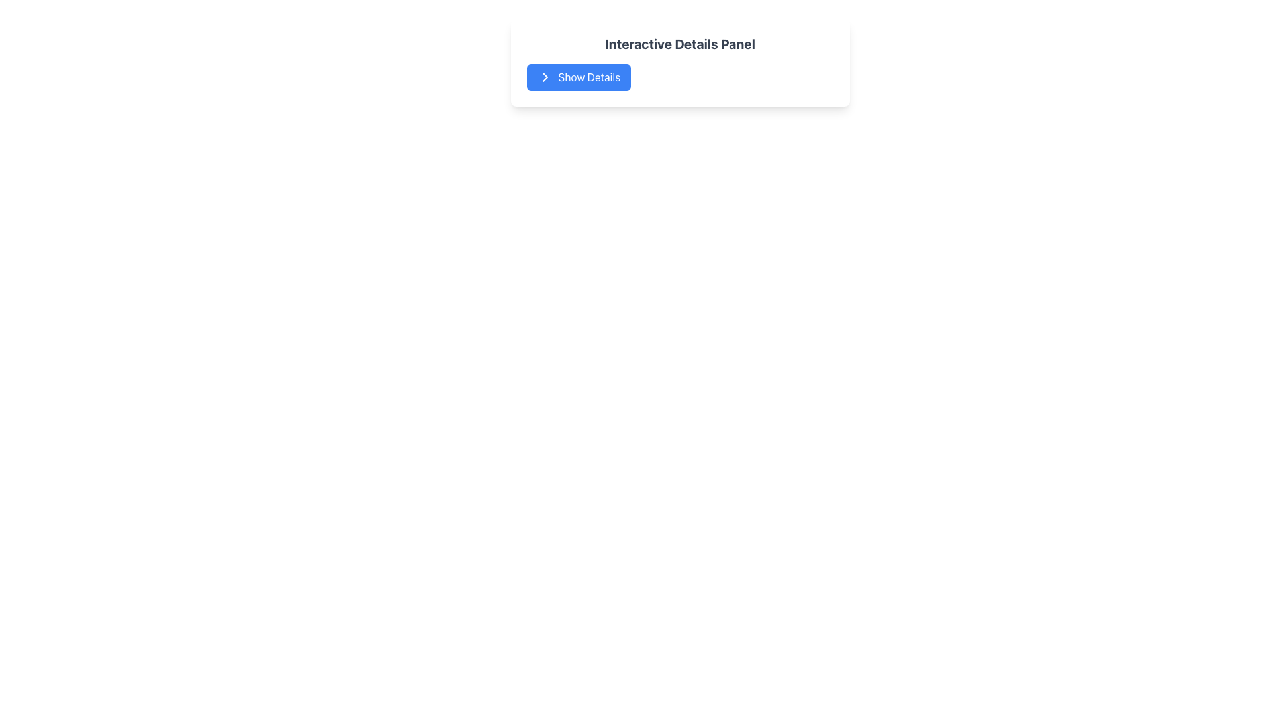 Image resolution: width=1271 pixels, height=715 pixels. What do you see at coordinates (545, 77) in the screenshot?
I see `the small triangular arrow pointing to the right, which is part of the 'Show Details' button within the SVG graphic` at bounding box center [545, 77].